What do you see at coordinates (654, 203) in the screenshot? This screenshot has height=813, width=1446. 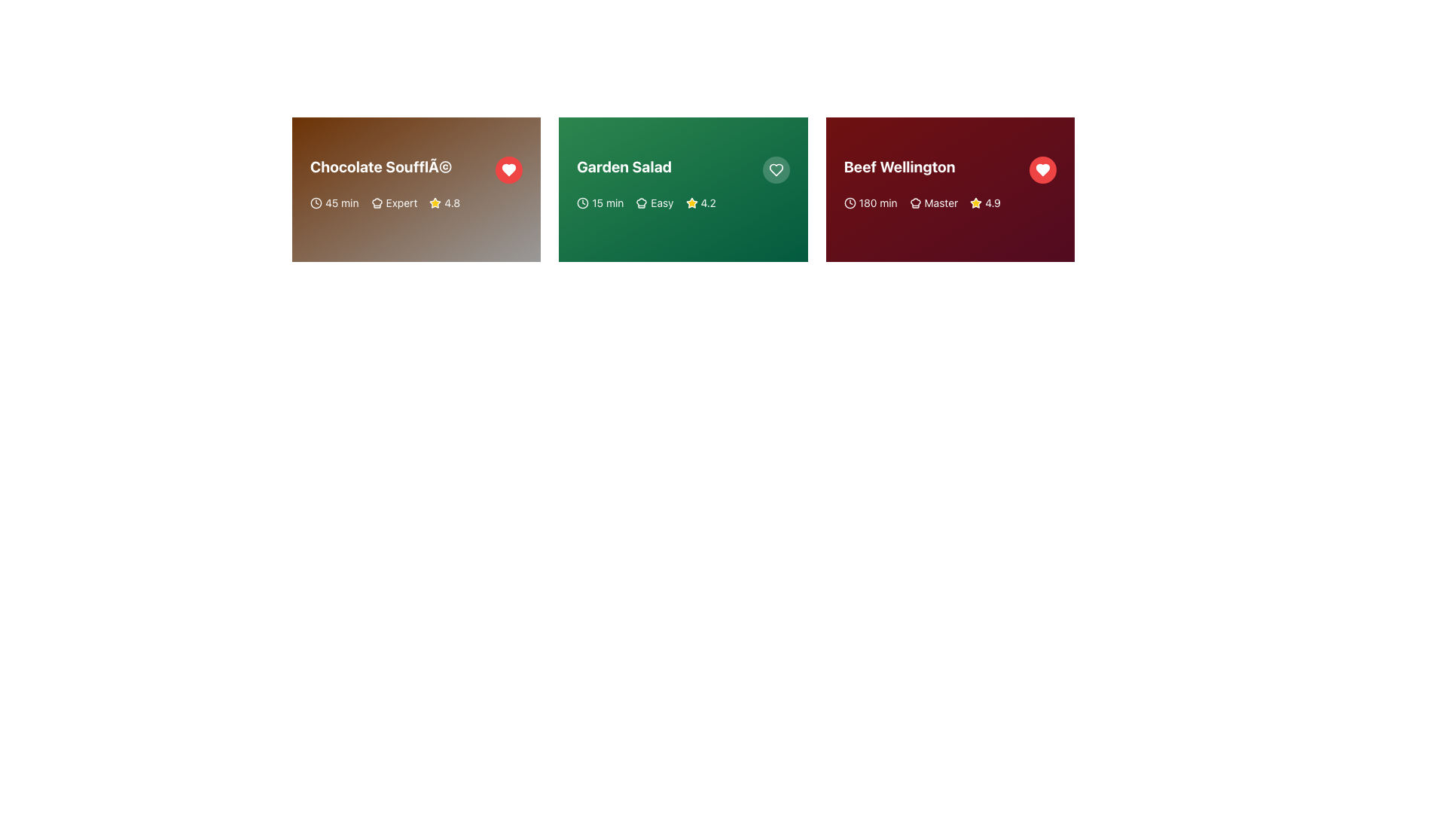 I see `the 'Easy' label with the chef's hat icon, which is styled in a small font and located within the 'Garden Salad' card, positioned next to the '15 min' label` at bounding box center [654, 203].